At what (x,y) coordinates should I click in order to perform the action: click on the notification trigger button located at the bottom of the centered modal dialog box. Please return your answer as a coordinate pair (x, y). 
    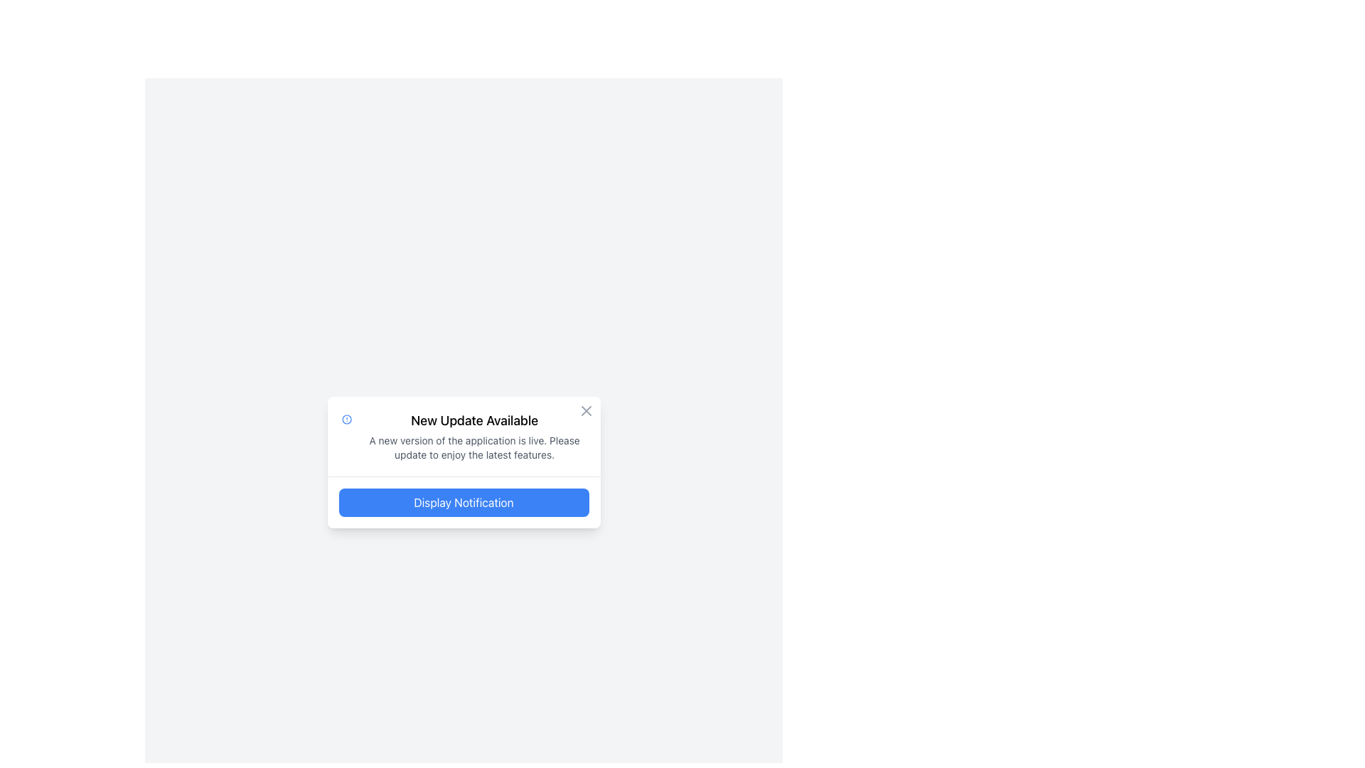
    Looking at the image, I should click on (464, 501).